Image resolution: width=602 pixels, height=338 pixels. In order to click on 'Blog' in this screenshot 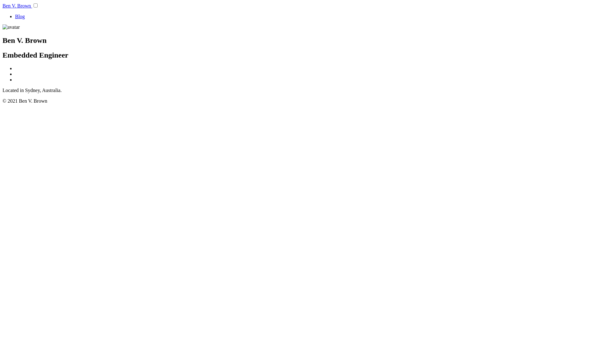, I will do `click(20, 16)`.